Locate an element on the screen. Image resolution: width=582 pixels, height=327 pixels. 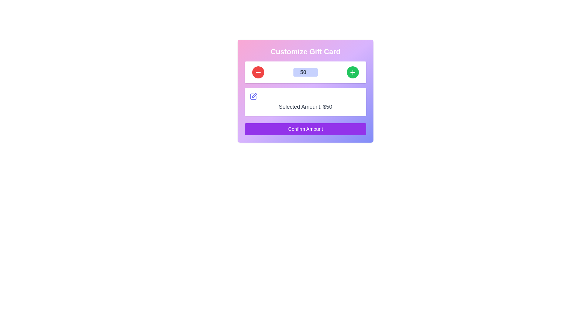
the confirm button located at the bottom of the 'Customize Gift Card' section, directly below the amount '$50' is located at coordinates (306, 129).